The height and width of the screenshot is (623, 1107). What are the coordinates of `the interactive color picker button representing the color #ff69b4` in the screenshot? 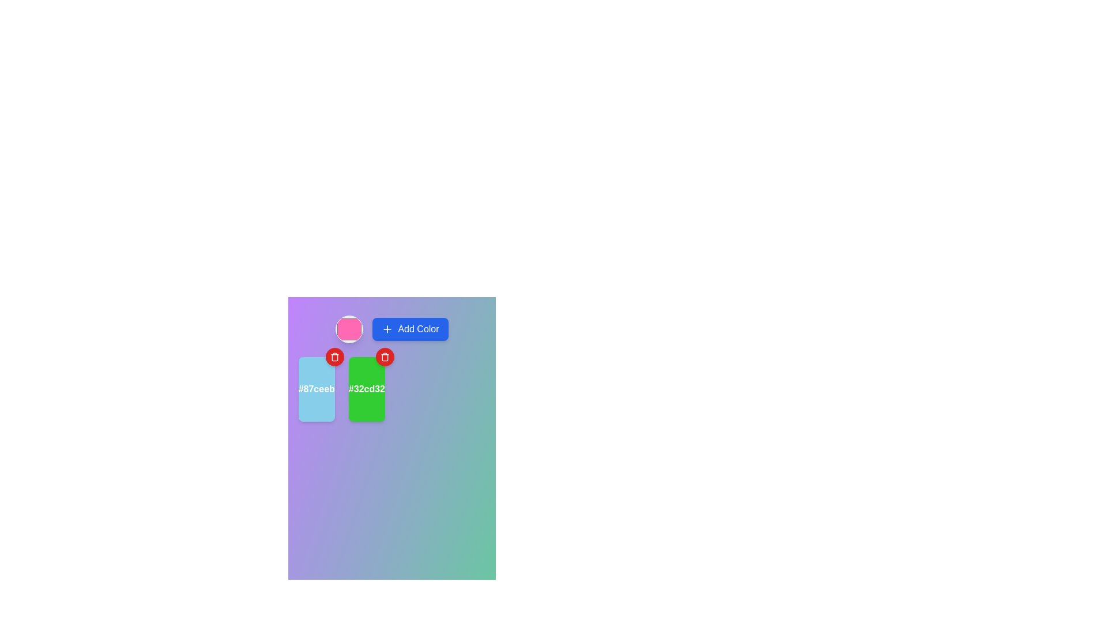 It's located at (349, 329).